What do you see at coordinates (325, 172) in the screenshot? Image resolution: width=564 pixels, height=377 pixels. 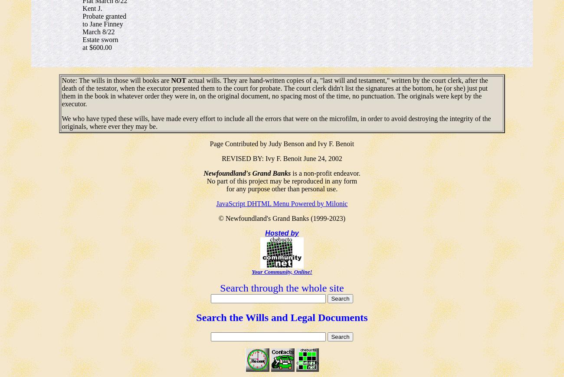 I see `'is a non-profit endeavor.'` at bounding box center [325, 172].